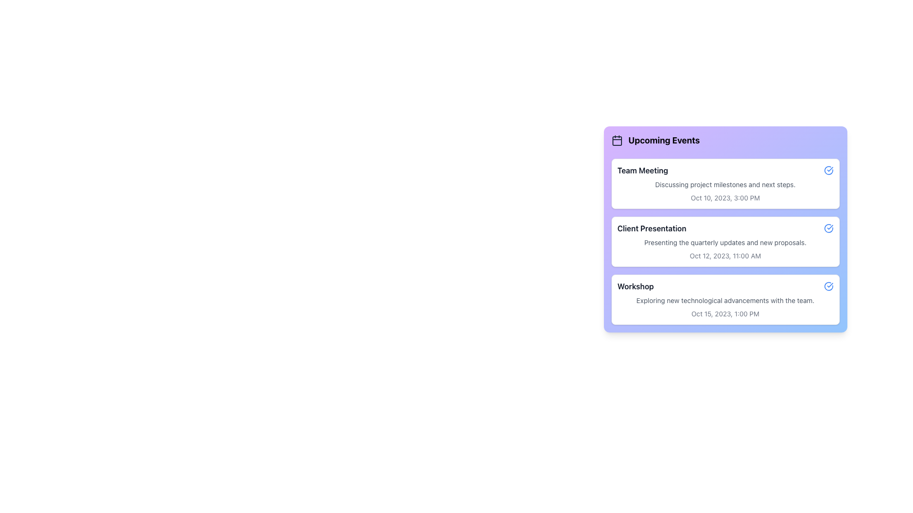 The width and height of the screenshot is (913, 513). I want to click on the Icon button that serves as a status indicator for the 'Client Presentation' event, located on the far right end of the row in the 'Upcoming Events' section, so click(828, 228).